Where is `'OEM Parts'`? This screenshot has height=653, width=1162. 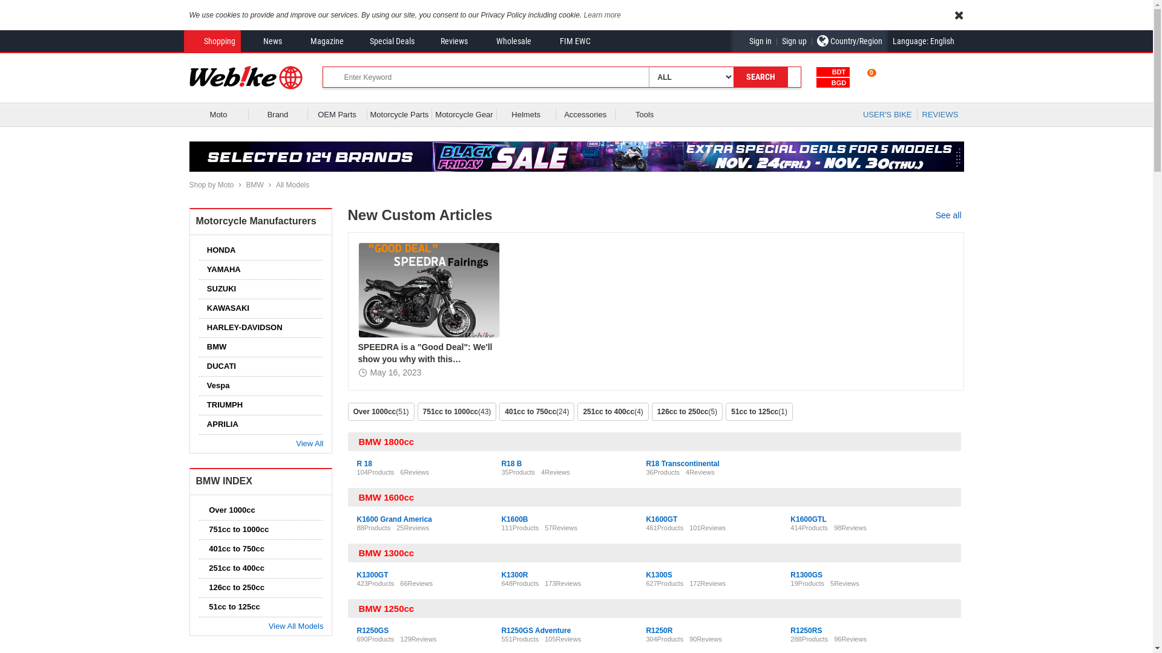
'OEM Parts' is located at coordinates (337, 114).